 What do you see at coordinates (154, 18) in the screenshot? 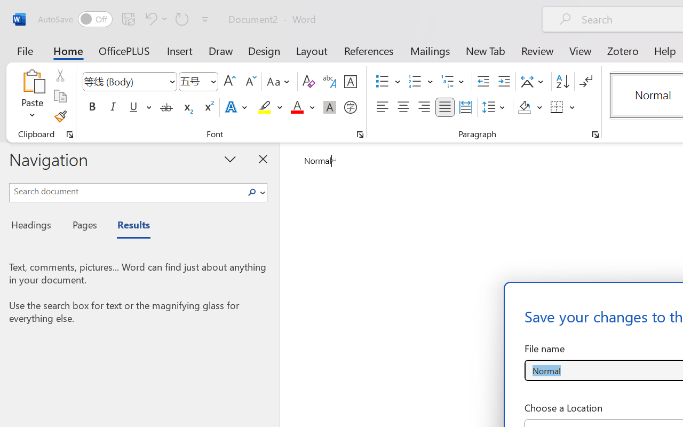
I see `'Undo Apply Quick Style'` at bounding box center [154, 18].